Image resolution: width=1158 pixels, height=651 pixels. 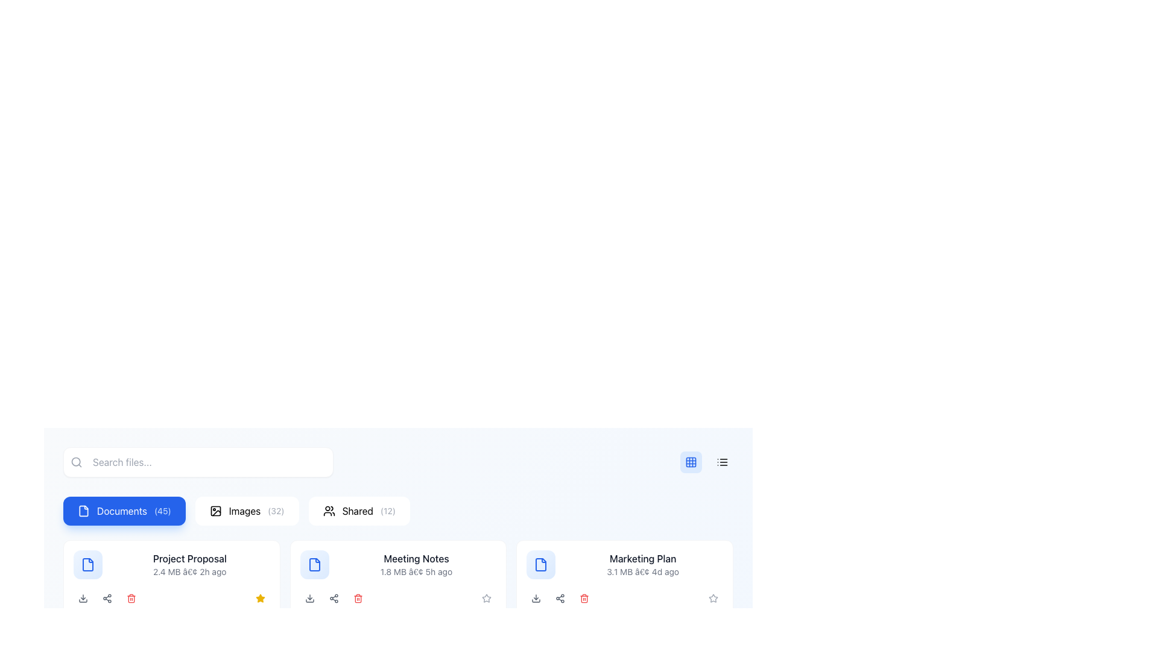 What do you see at coordinates (75, 462) in the screenshot?
I see `the magnifying glass SVG icon representing the search functionality, located in the upper left part of the search input field adjacent to the placeholder text 'Search files...'` at bounding box center [75, 462].